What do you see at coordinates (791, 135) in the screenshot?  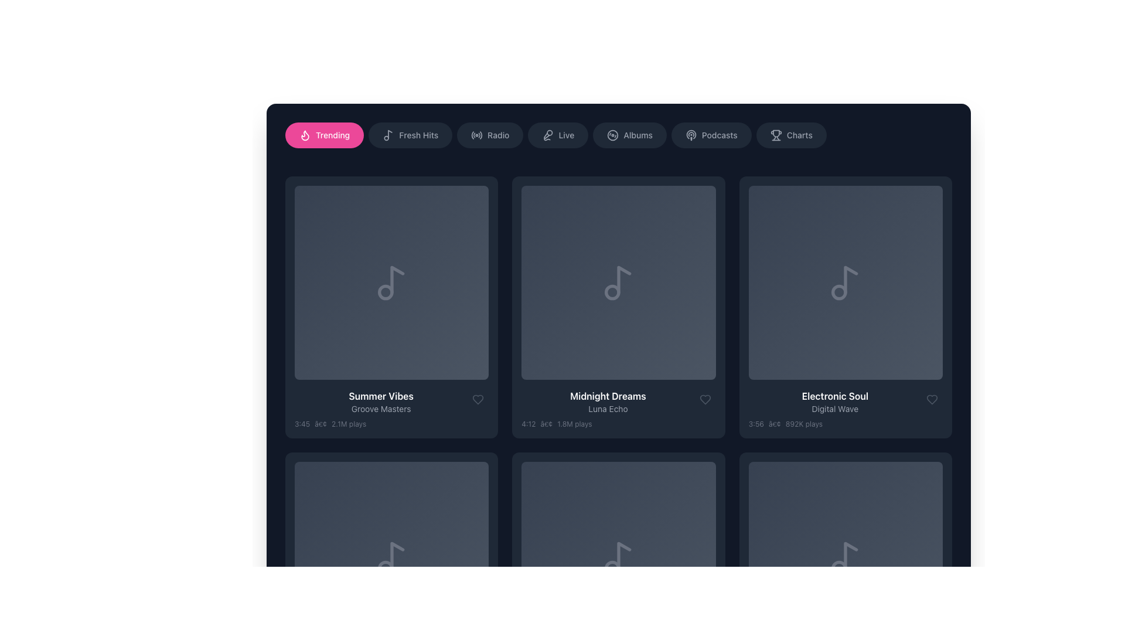 I see `the rounded rectangular button labeled 'Charts' with a trophy icon in the horizontal menu bar` at bounding box center [791, 135].